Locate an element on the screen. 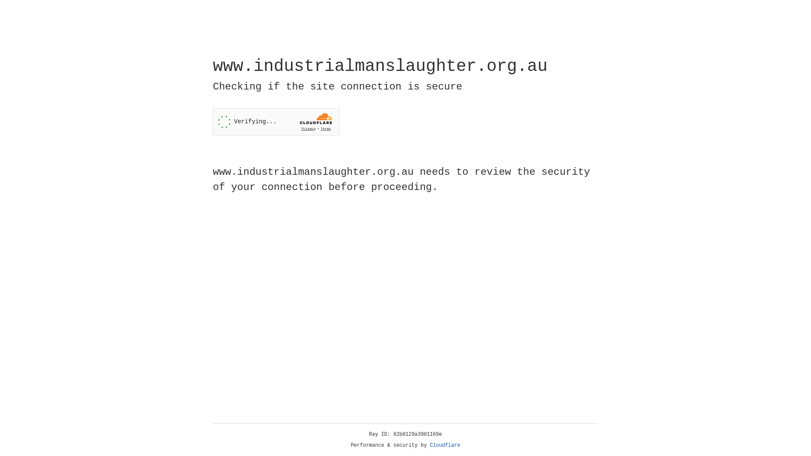 Image resolution: width=811 pixels, height=456 pixels. 'Widget containing a Cloudflare security challenge' is located at coordinates (276, 122).